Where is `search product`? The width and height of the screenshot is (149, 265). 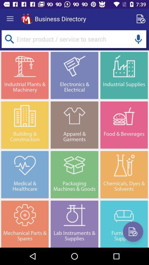 search product is located at coordinates (9, 39).